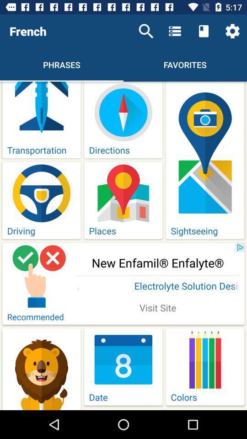  What do you see at coordinates (175, 31) in the screenshot?
I see `item above the favorites` at bounding box center [175, 31].